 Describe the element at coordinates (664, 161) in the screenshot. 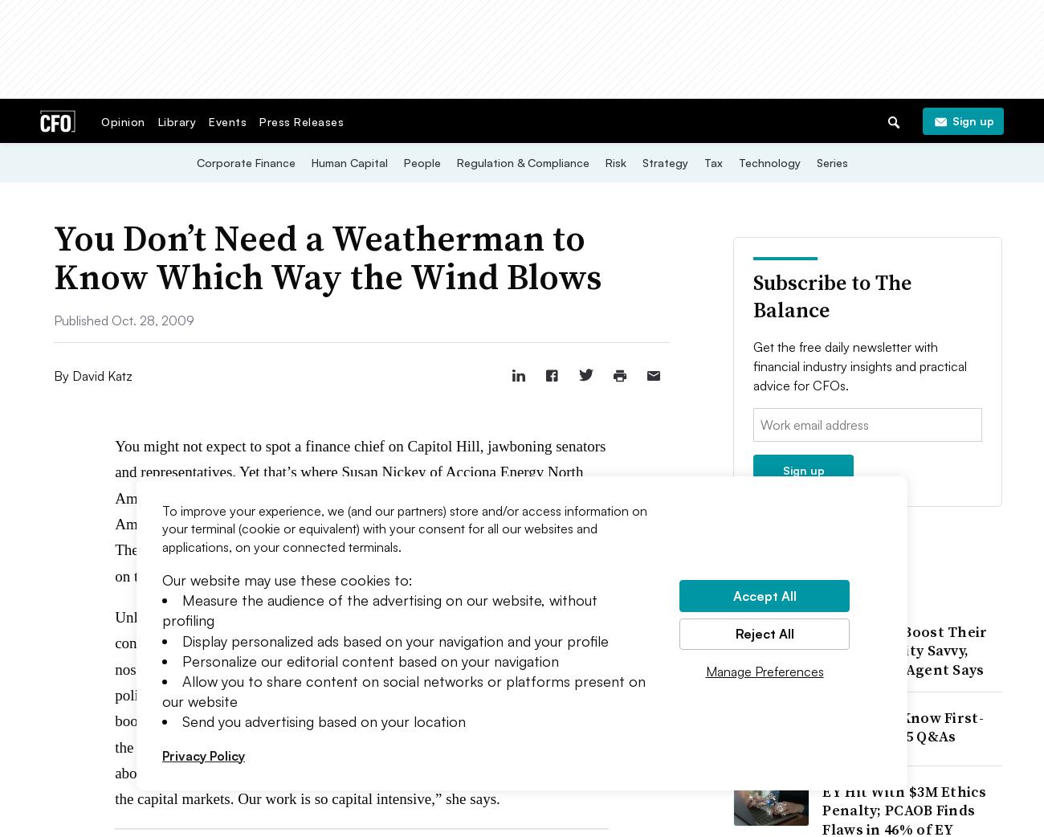

I see `'Strategy'` at that location.